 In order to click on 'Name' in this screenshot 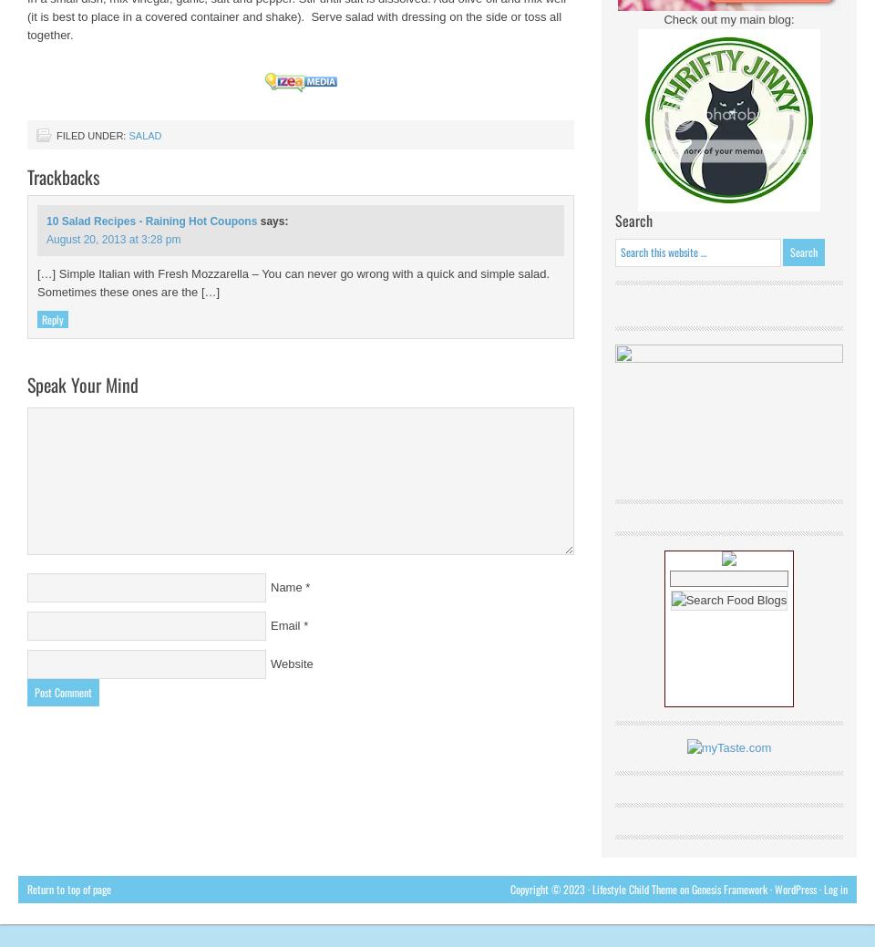, I will do `click(270, 587)`.